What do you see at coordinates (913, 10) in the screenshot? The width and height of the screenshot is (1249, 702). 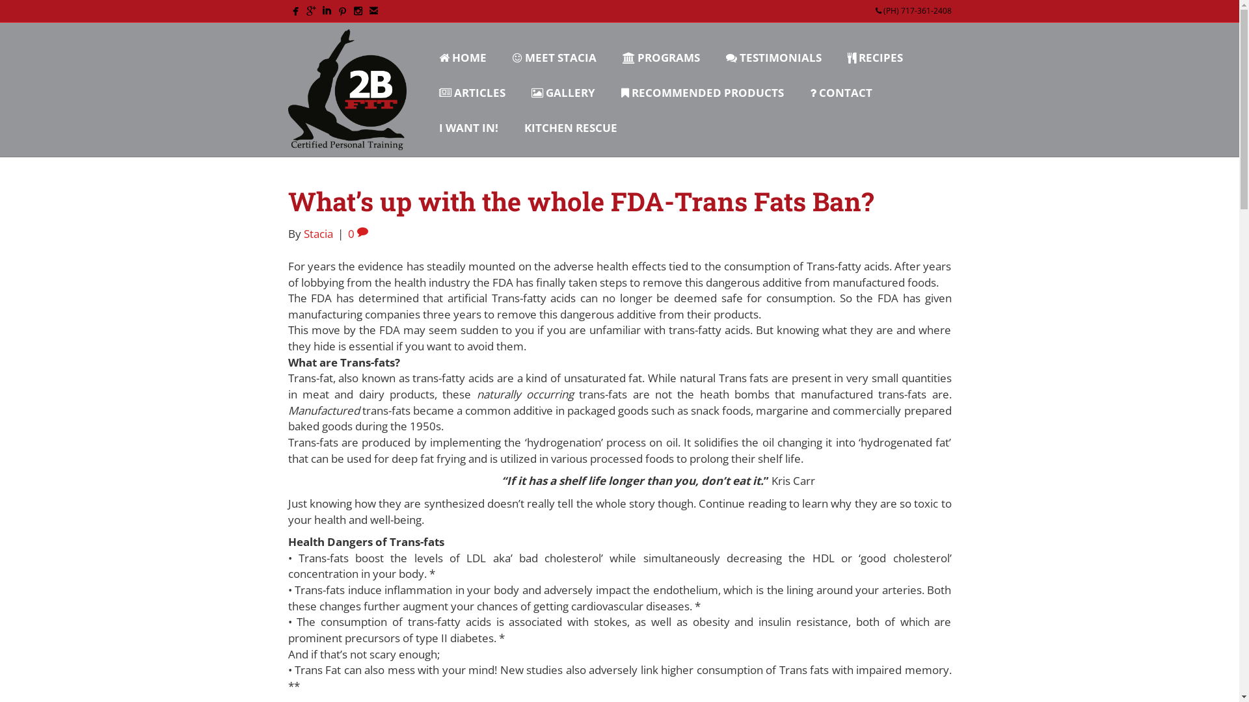 I see `'(PH) 717-361-2408'` at bounding box center [913, 10].